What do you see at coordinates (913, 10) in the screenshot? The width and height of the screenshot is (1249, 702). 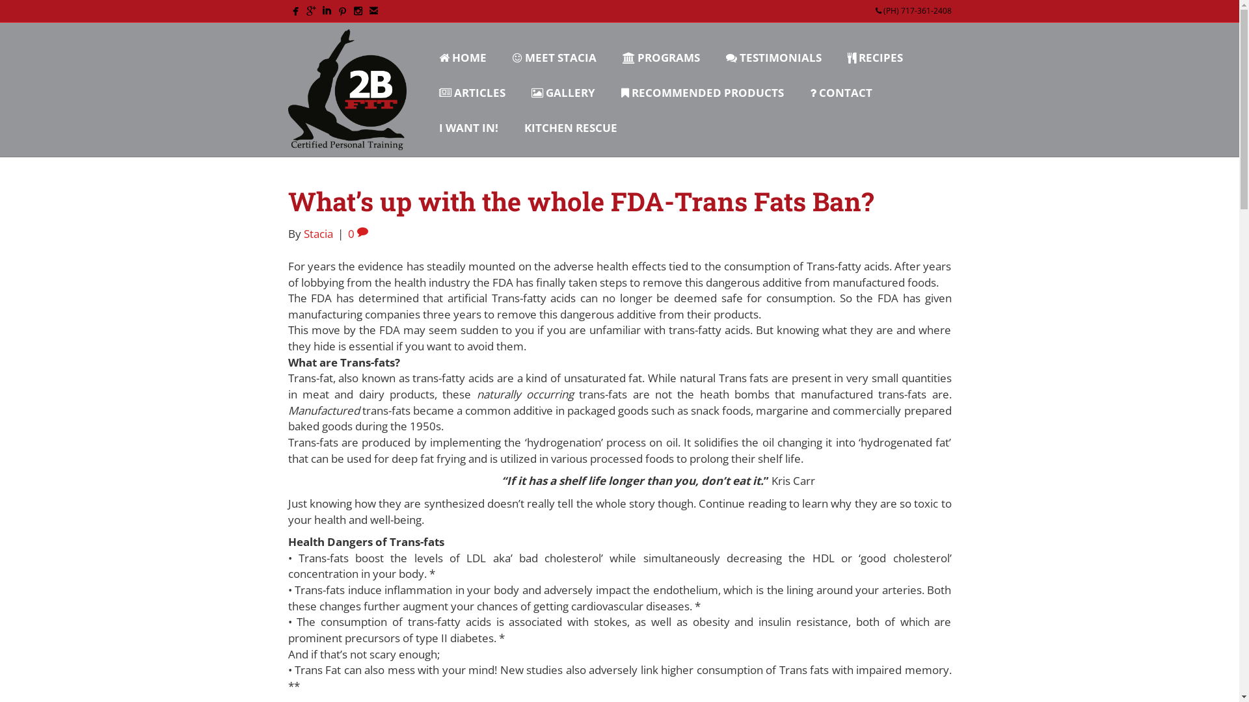 I see `'(PH) 717-361-2408'` at bounding box center [913, 10].